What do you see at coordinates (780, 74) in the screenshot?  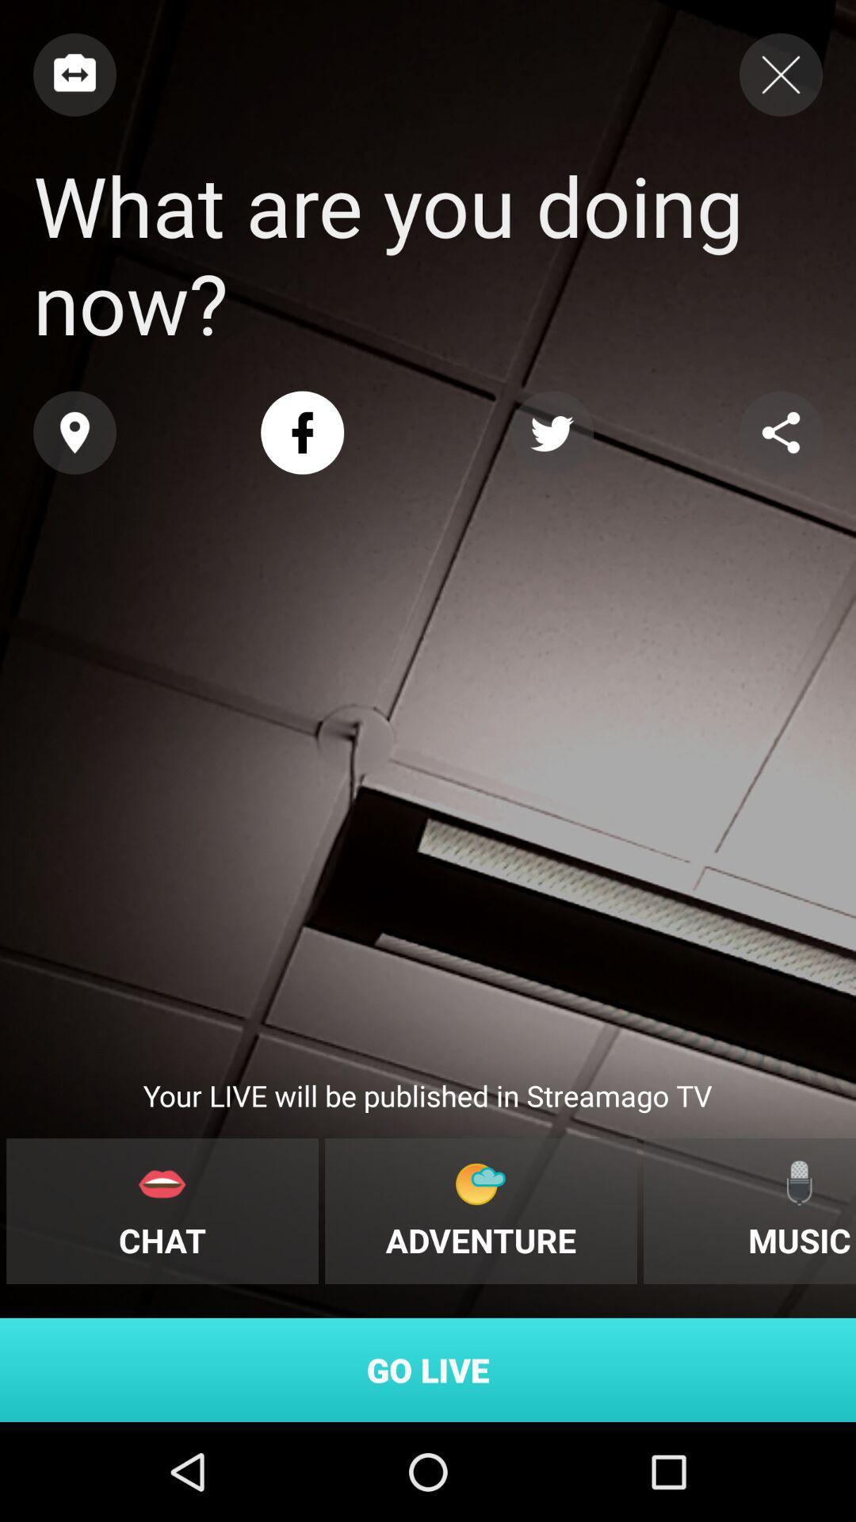 I see `the close icon` at bounding box center [780, 74].